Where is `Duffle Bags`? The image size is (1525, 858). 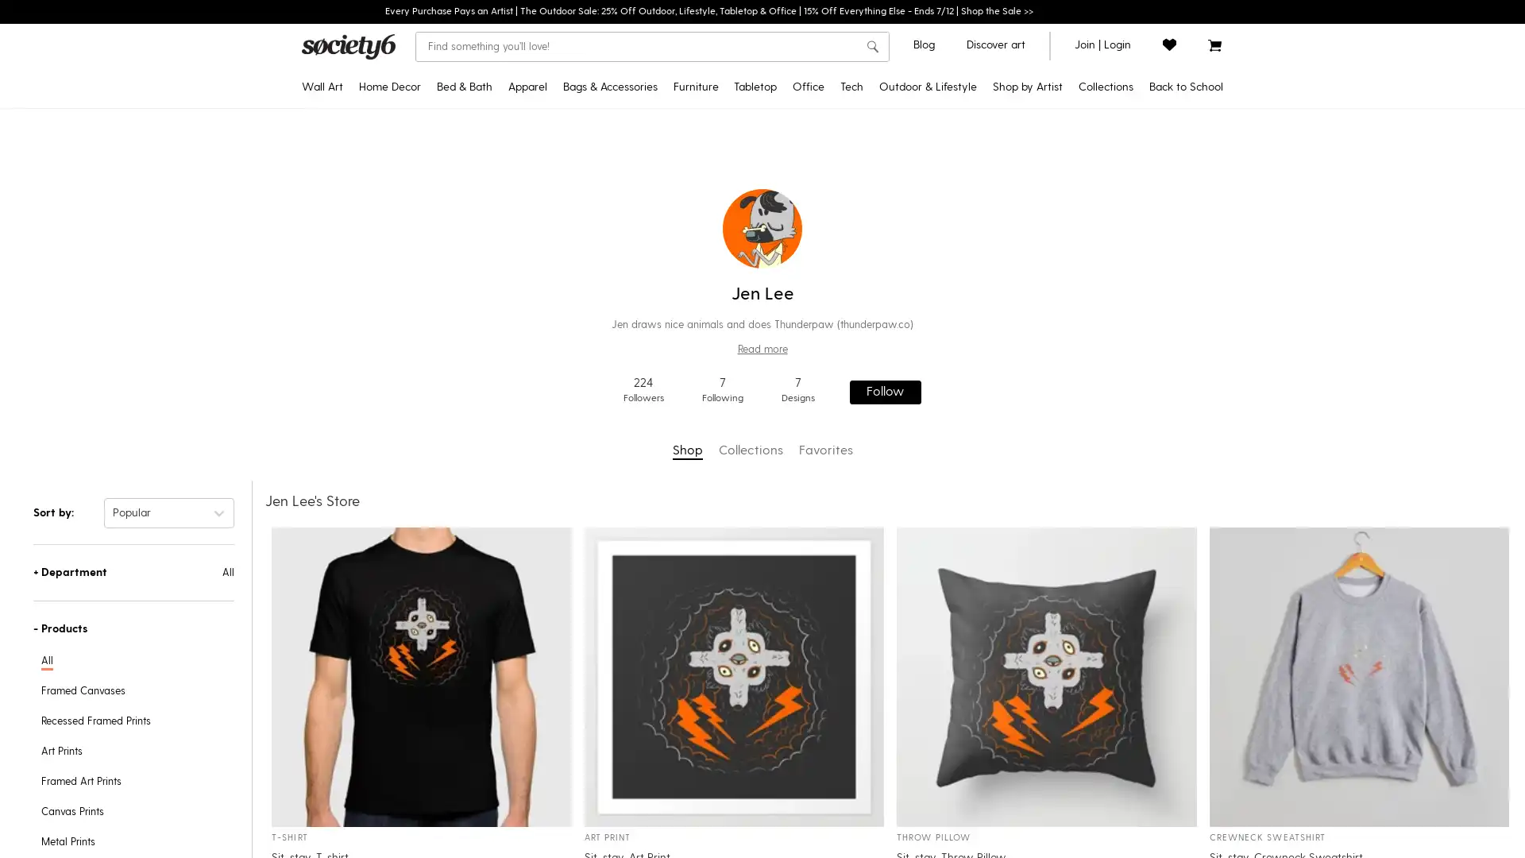 Duffle Bags is located at coordinates (620, 203).